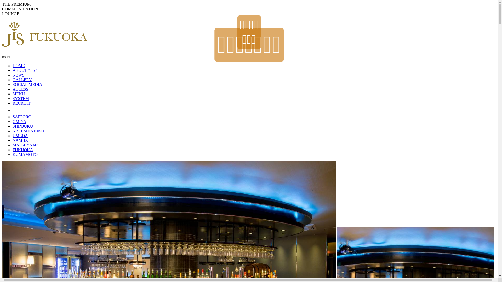 This screenshot has width=502, height=282. Describe the element at coordinates (21, 98) in the screenshot. I see `'SYSTEM'` at that location.